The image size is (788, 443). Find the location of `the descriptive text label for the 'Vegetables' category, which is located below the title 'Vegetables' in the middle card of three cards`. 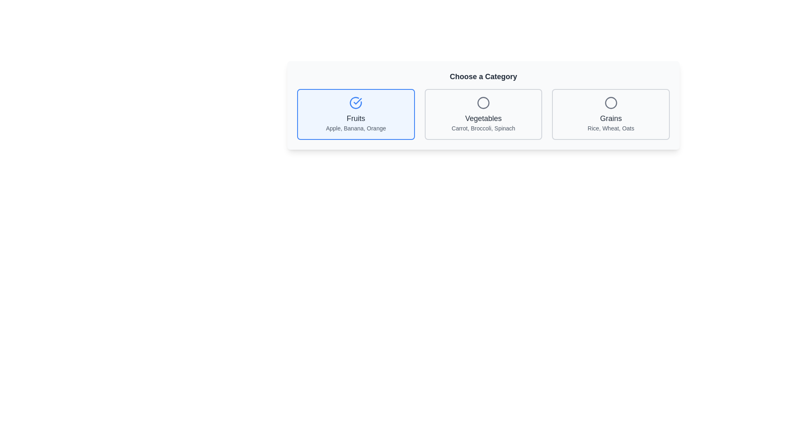

the descriptive text label for the 'Vegetables' category, which is located below the title 'Vegetables' in the middle card of three cards is located at coordinates (483, 128).